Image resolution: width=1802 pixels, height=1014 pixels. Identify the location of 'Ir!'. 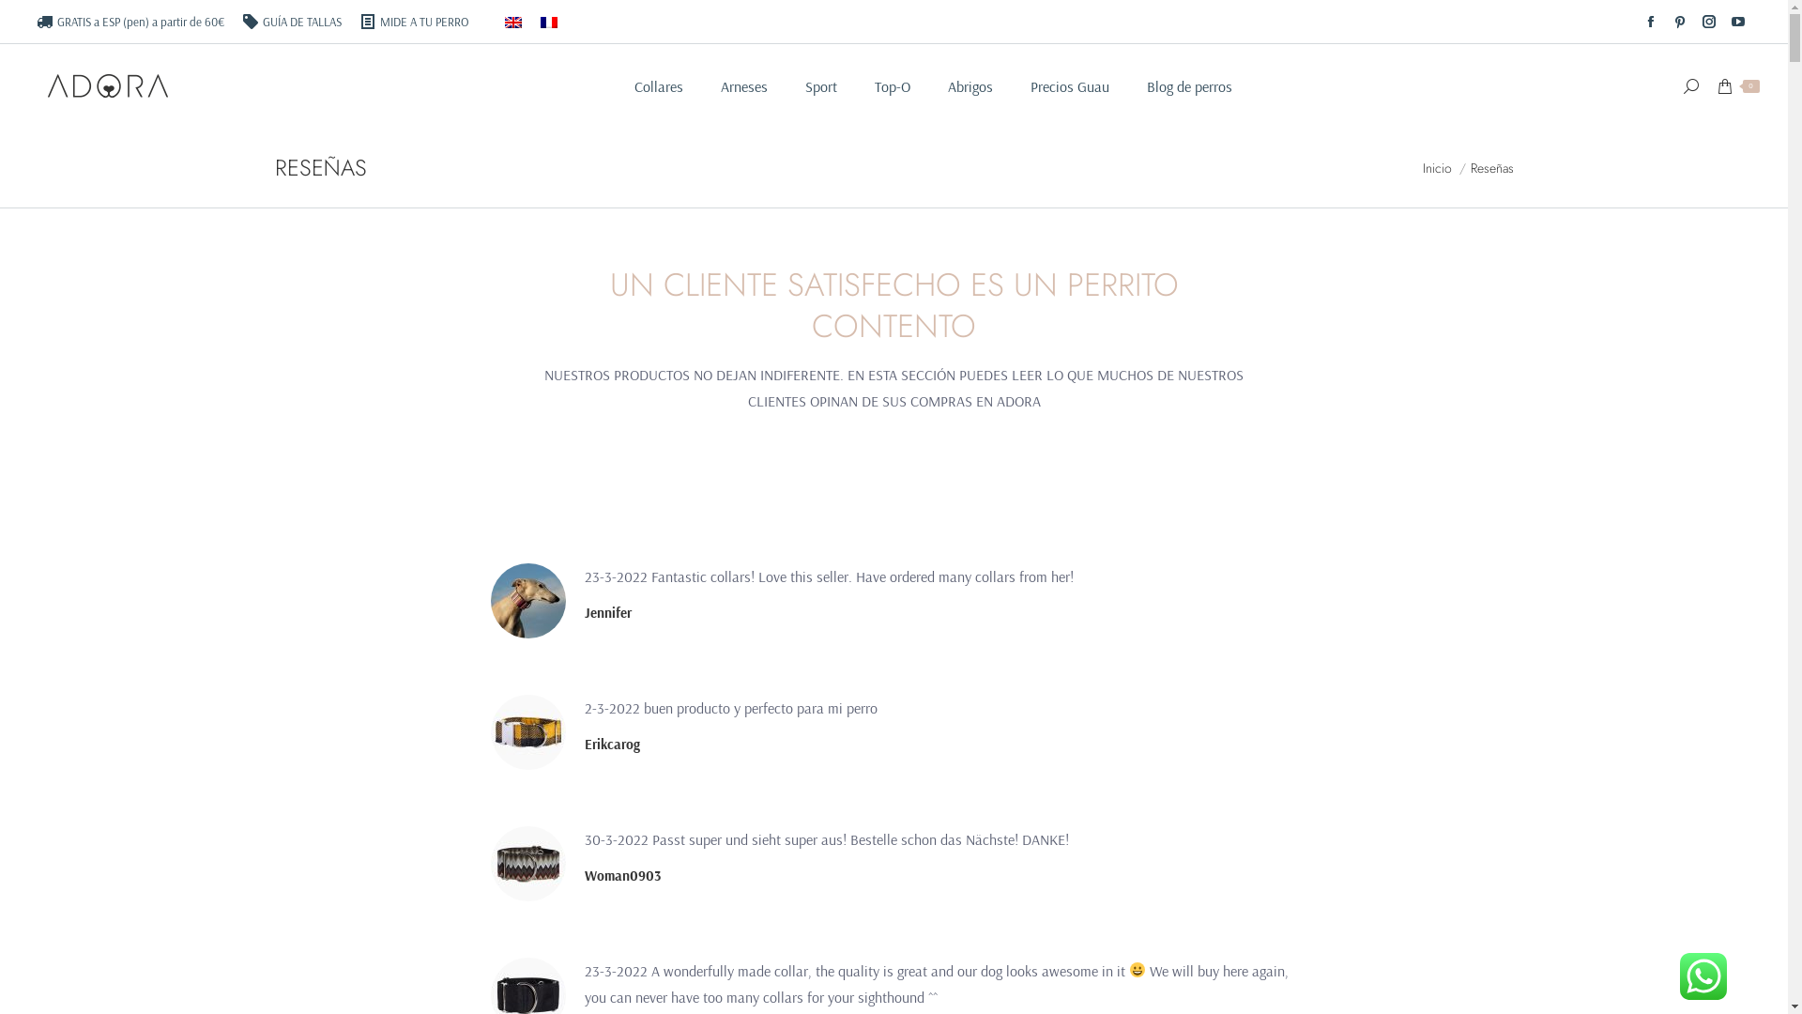
(23, 21).